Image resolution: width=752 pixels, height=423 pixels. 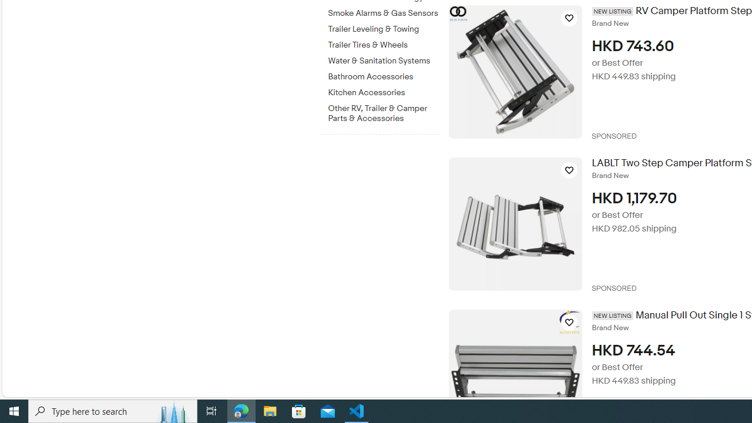 What do you see at coordinates (384, 42) in the screenshot?
I see `'Trailer Tires & Wheels'` at bounding box center [384, 42].